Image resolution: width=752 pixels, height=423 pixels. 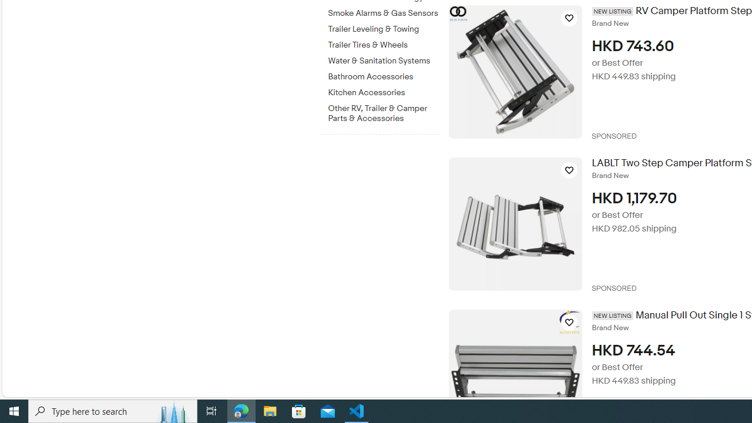 What do you see at coordinates (384, 42) in the screenshot?
I see `'Trailer Tires & Wheels'` at bounding box center [384, 42].